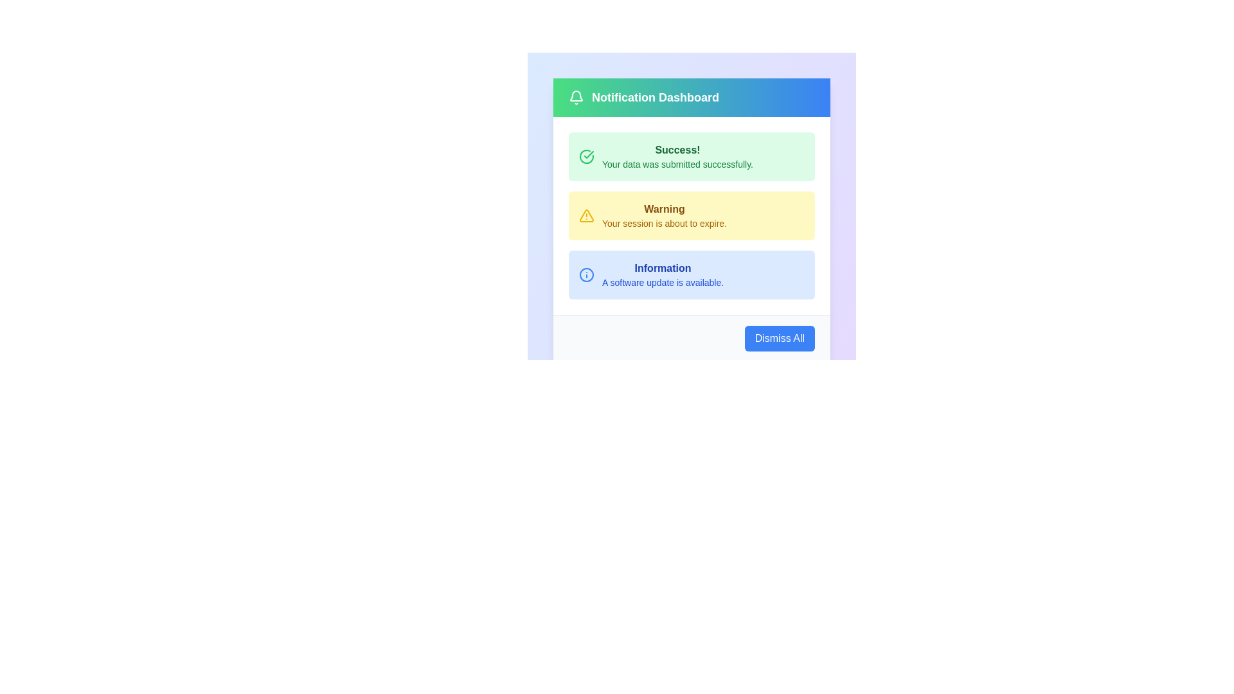  Describe the element at coordinates (691, 198) in the screenshot. I see `the Notification Card that serves as a warning notification, located between the green 'Success' notification and the blue 'Information' notification in the main notification panel` at that location.